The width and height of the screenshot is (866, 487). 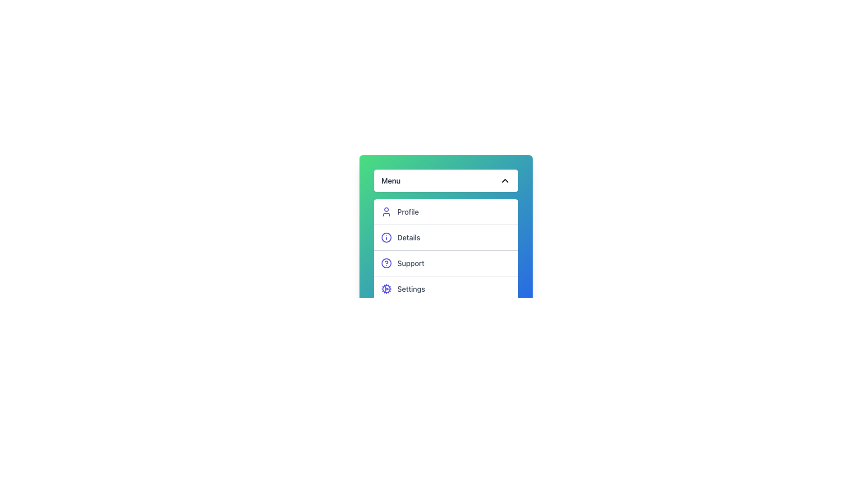 I want to click on the 'Menu' Dropdown Toggle Button, which is the topmost element in a vertically stacked list, so click(x=446, y=181).